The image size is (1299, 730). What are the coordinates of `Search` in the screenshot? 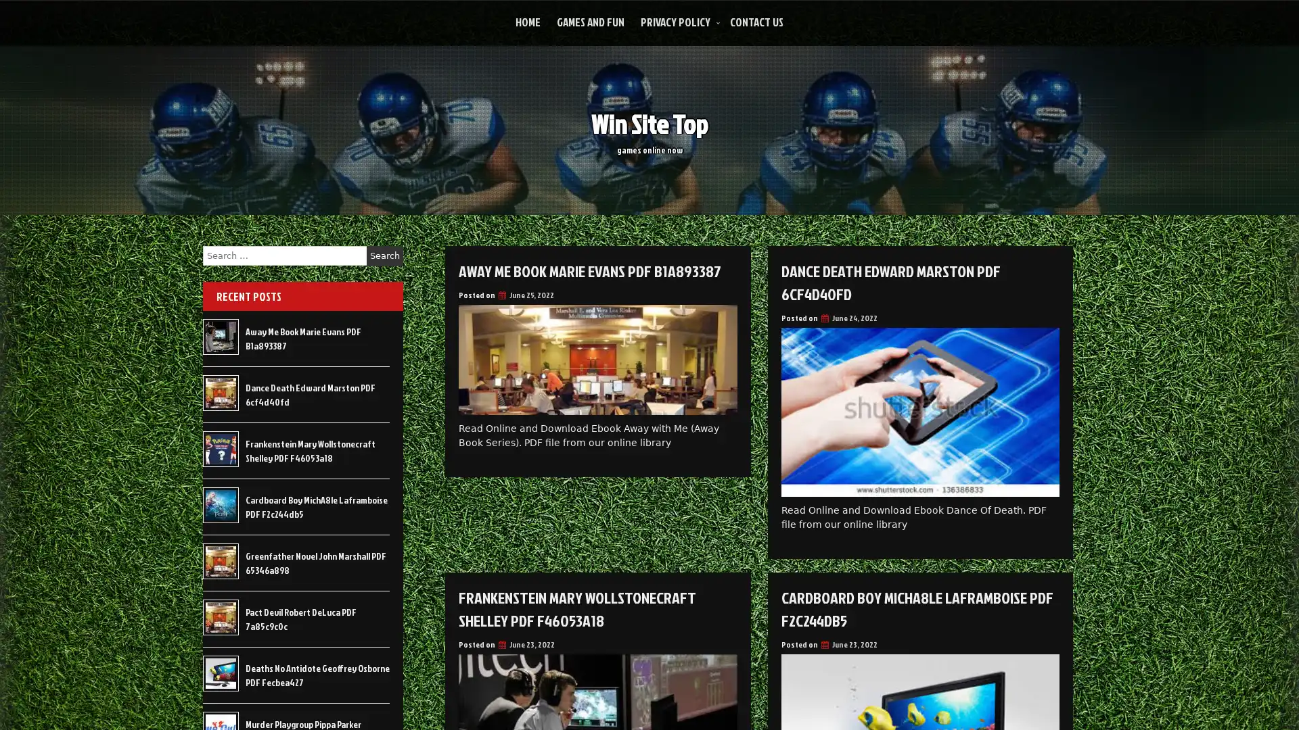 It's located at (384, 255).